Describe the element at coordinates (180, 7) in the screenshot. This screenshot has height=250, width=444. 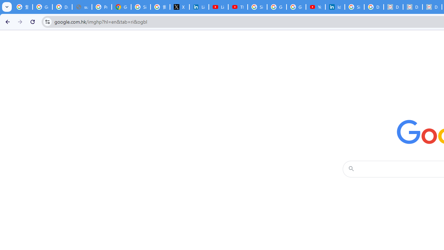
I see `'X'` at that location.